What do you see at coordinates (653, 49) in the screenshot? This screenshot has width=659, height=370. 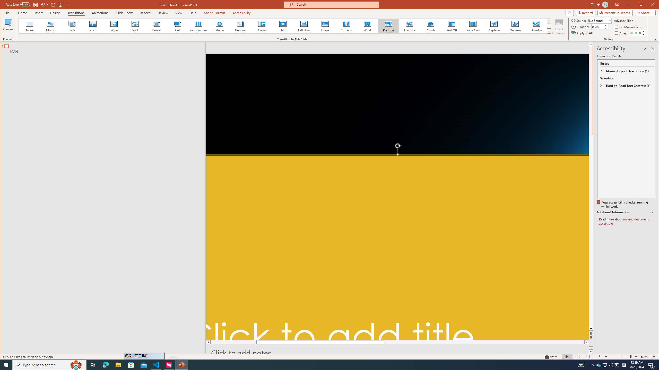 I see `'Close pane'` at bounding box center [653, 49].